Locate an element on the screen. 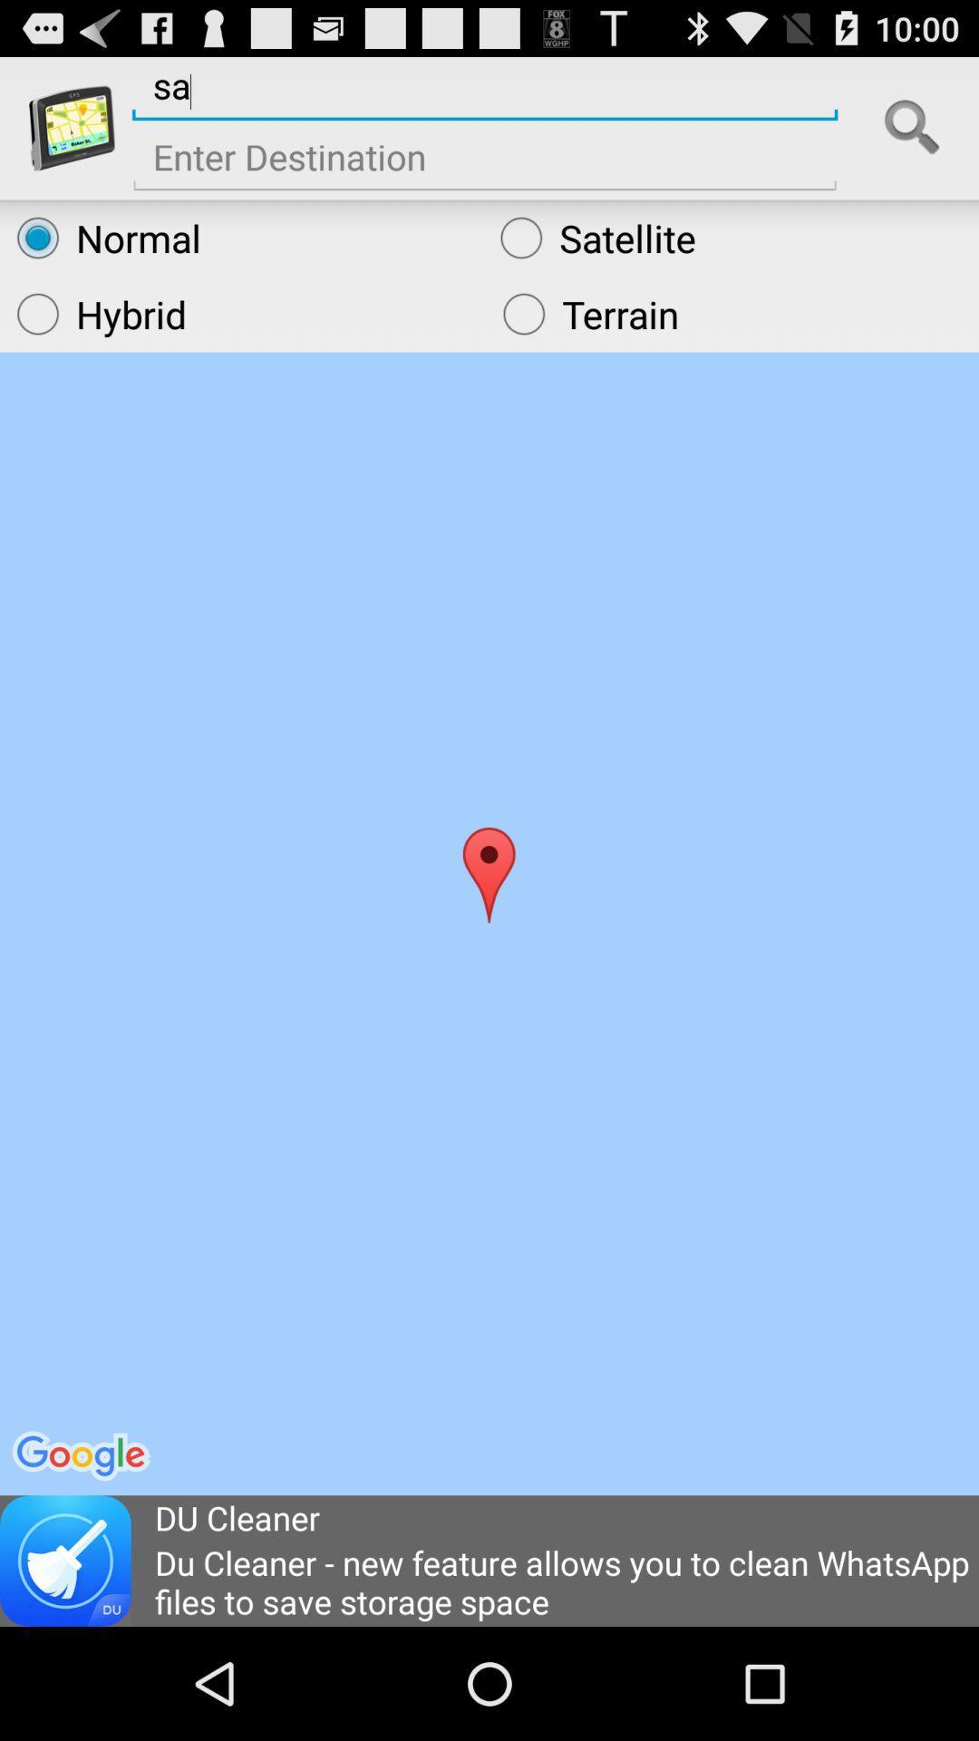 This screenshot has width=979, height=1741. destinaltion is located at coordinates (484, 164).